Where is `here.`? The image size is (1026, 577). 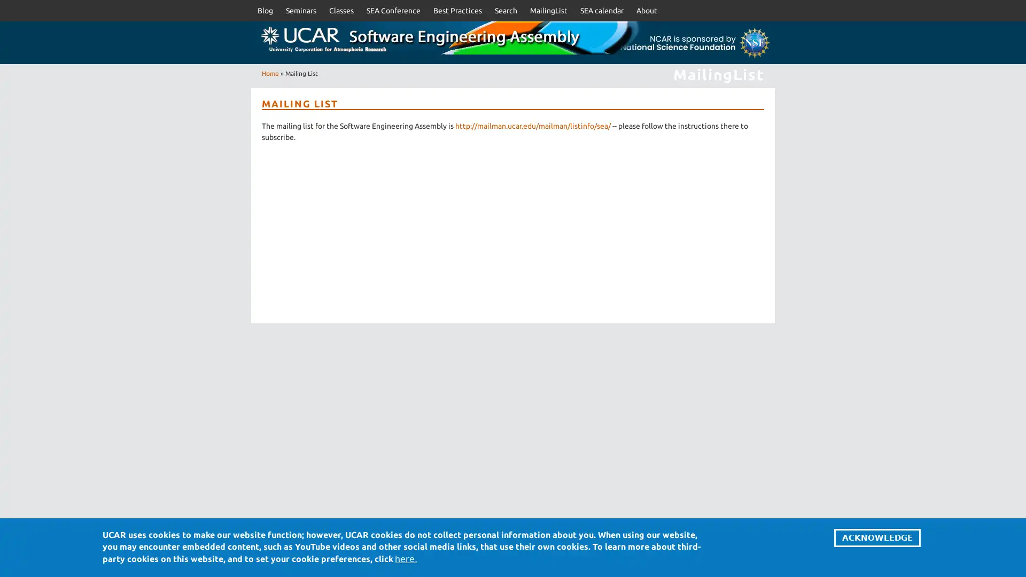
here. is located at coordinates (405, 558).